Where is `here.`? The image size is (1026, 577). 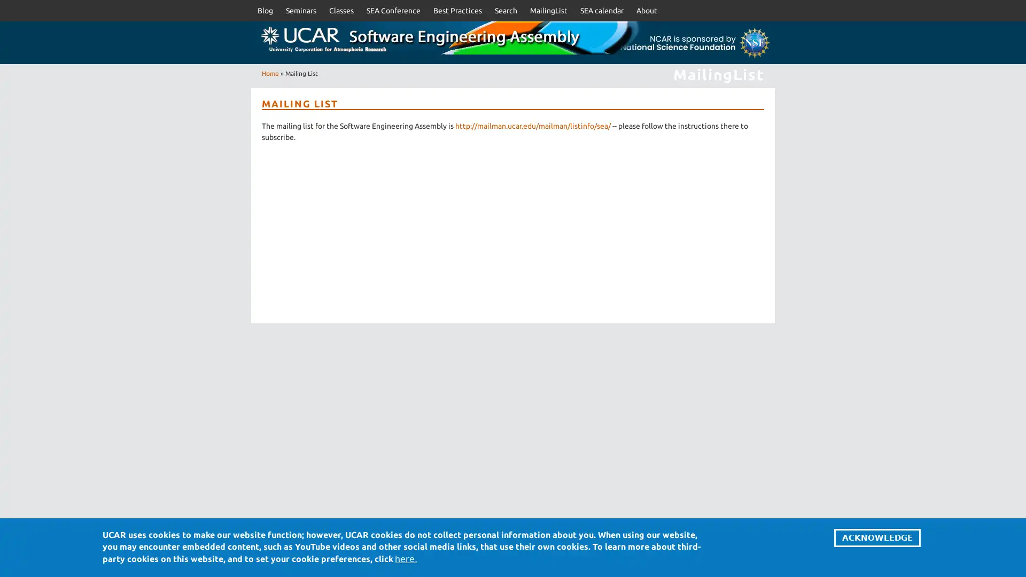
here. is located at coordinates (405, 558).